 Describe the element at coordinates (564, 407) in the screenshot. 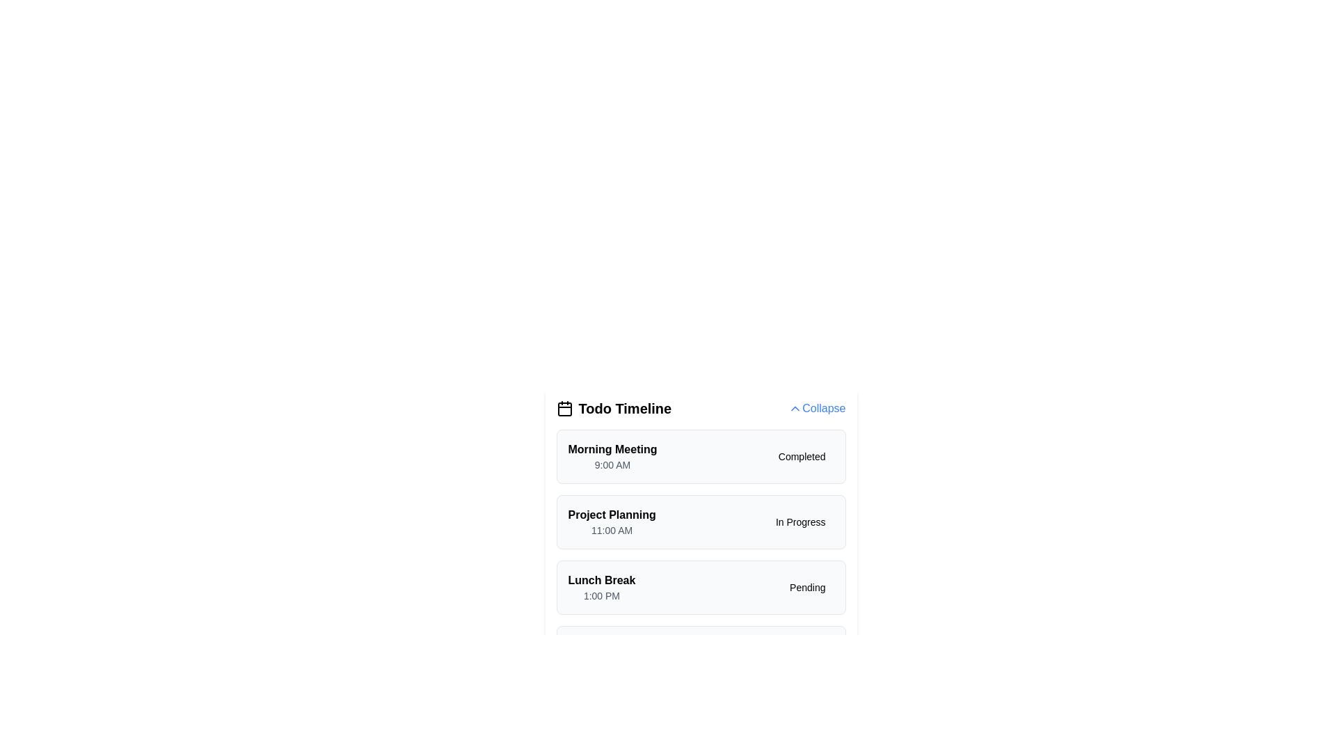

I see `the decorative icon located to the left of the 'Todo Timeline' text in the header section` at that location.